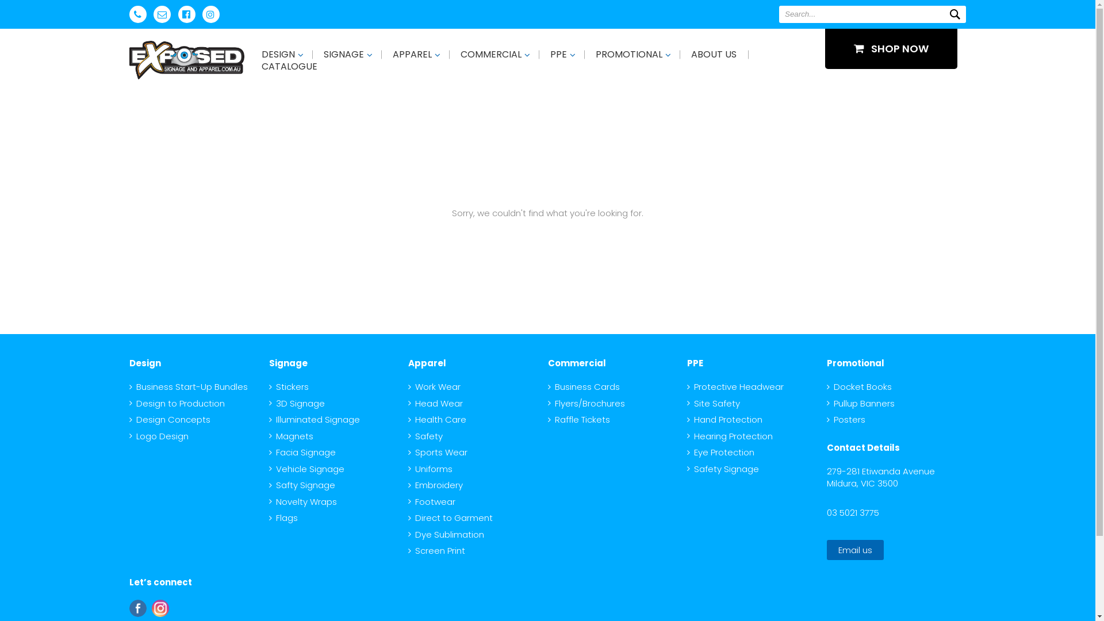 Image resolution: width=1104 pixels, height=621 pixels. Describe the element at coordinates (585, 402) in the screenshot. I see `'Flyers/Brochures'` at that location.